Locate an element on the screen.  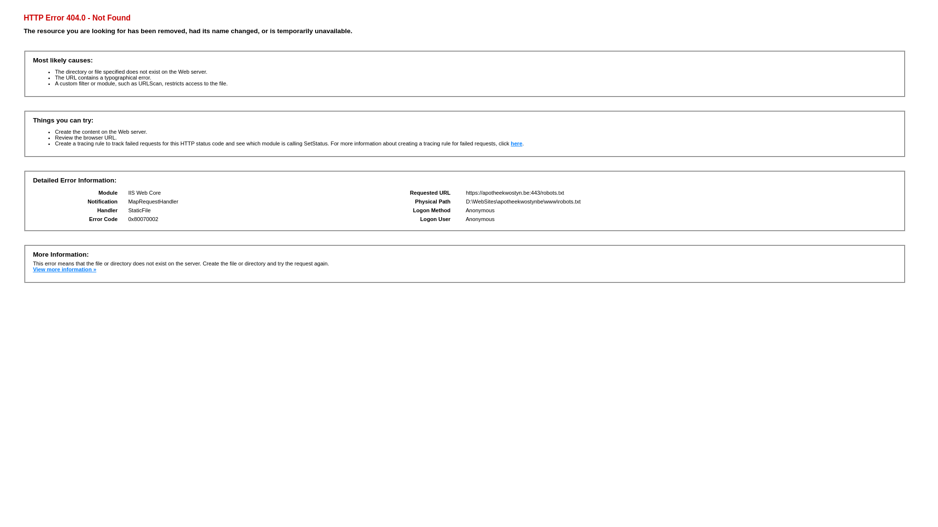
'here' is located at coordinates (516, 143).